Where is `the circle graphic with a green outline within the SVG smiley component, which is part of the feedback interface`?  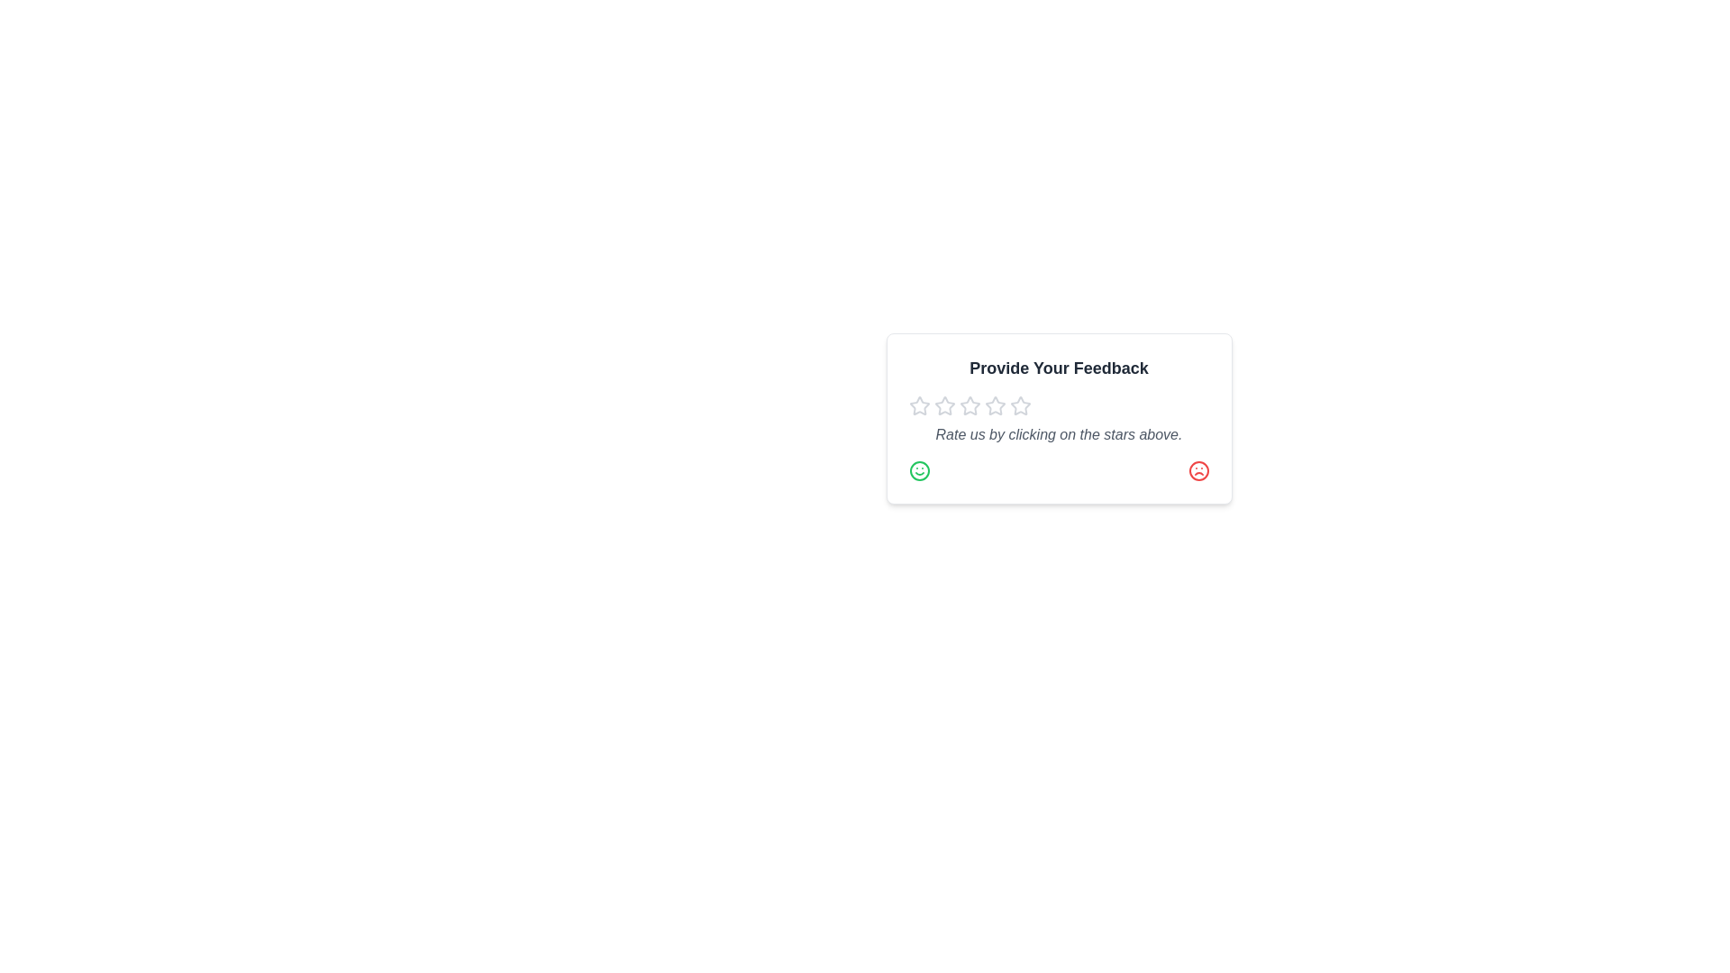
the circle graphic with a green outline within the SVG smiley component, which is part of the feedback interface is located at coordinates (919, 470).